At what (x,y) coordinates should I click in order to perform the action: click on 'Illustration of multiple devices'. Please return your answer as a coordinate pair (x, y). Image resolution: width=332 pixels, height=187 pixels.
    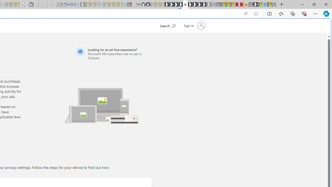
    Looking at the image, I should click on (101, 102).